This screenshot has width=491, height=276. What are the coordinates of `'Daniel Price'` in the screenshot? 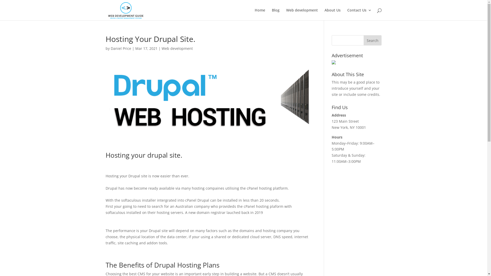 It's located at (120, 48).